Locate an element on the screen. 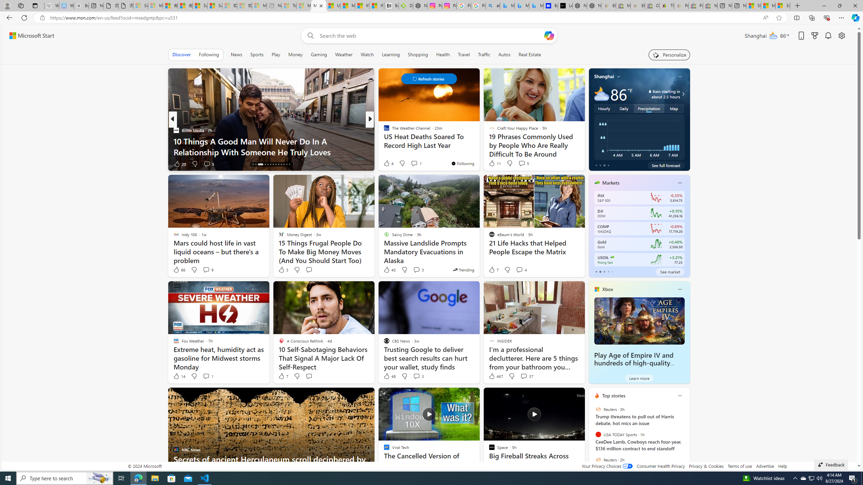 The height and width of the screenshot is (485, 863). 'View comments 9 Comment' is located at coordinates (206, 269).